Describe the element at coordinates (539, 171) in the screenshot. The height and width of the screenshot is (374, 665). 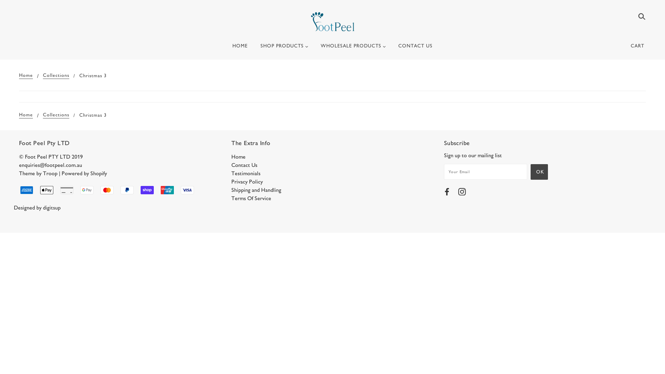
I see `'Ok'` at that location.